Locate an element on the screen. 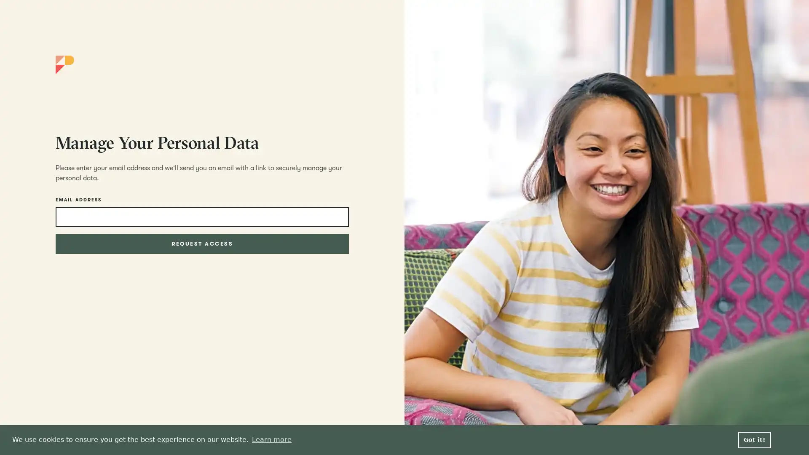 The image size is (809, 455). learn more about cookies is located at coordinates (271, 439).